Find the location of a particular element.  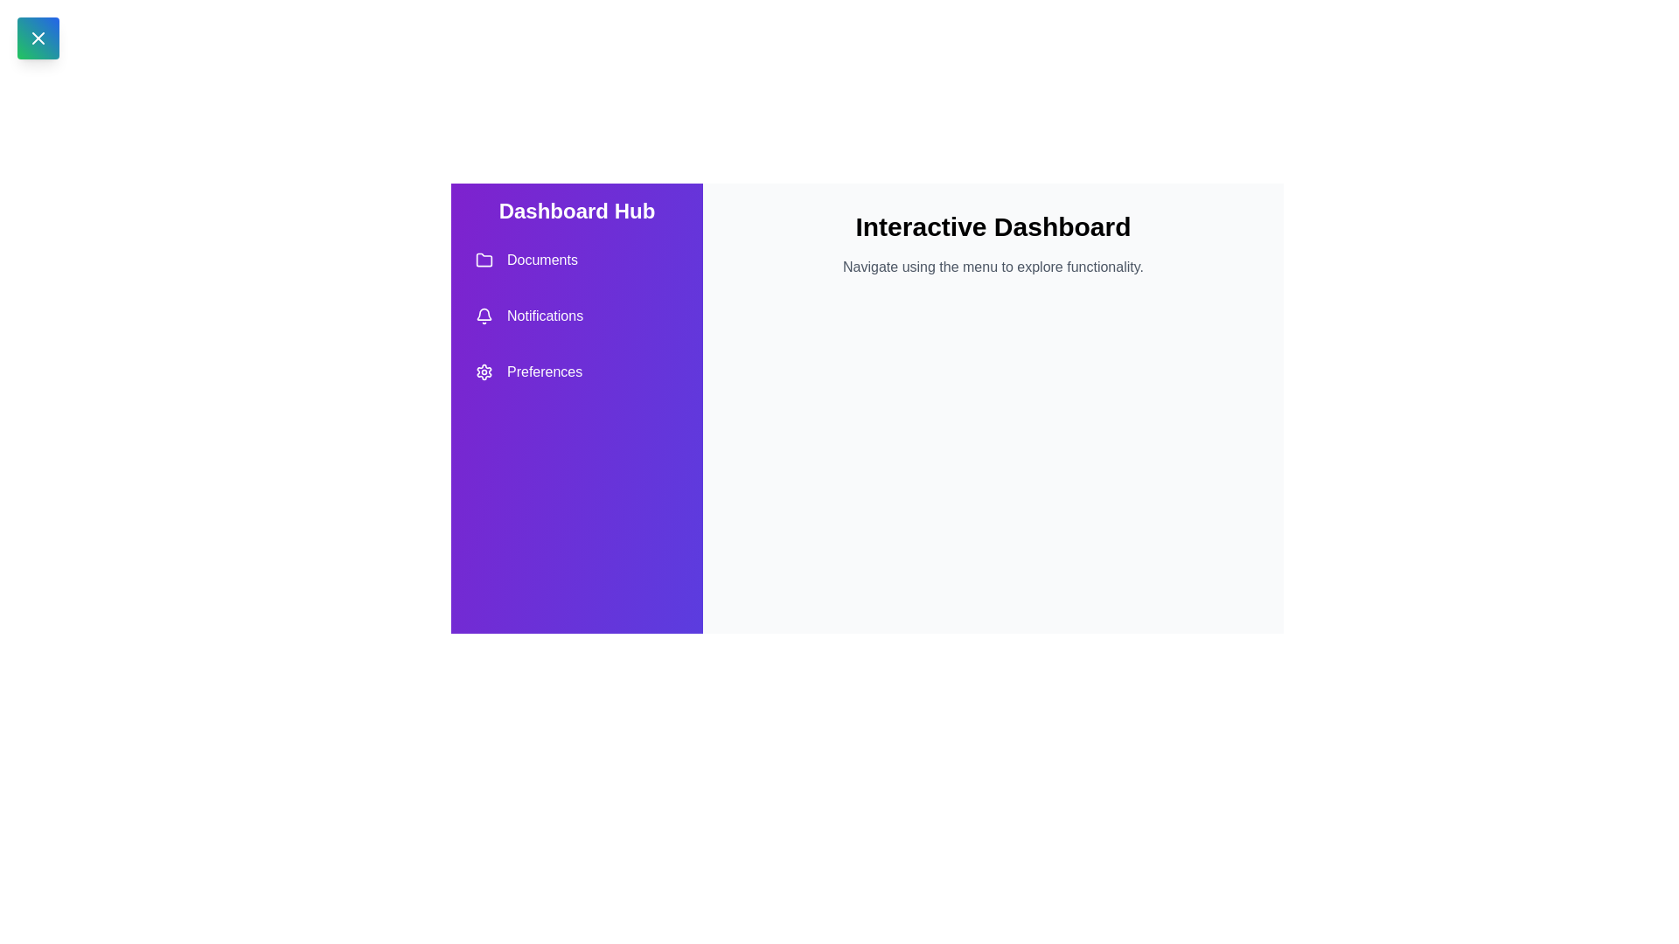

the 'Documents' menu item in the drawer is located at coordinates (577, 260).